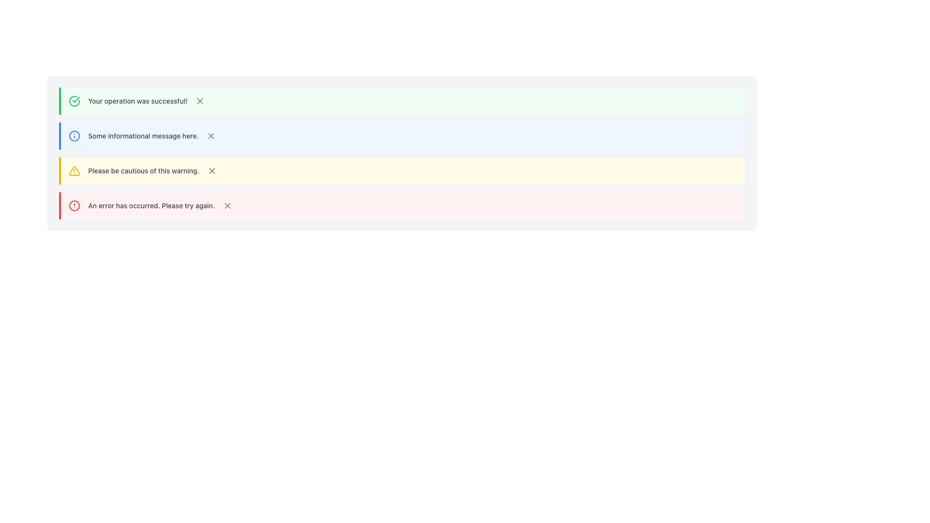 The height and width of the screenshot is (523, 930). I want to click on the close button located at the far right of the notification box, which is styled with a blue background, so click(211, 136).